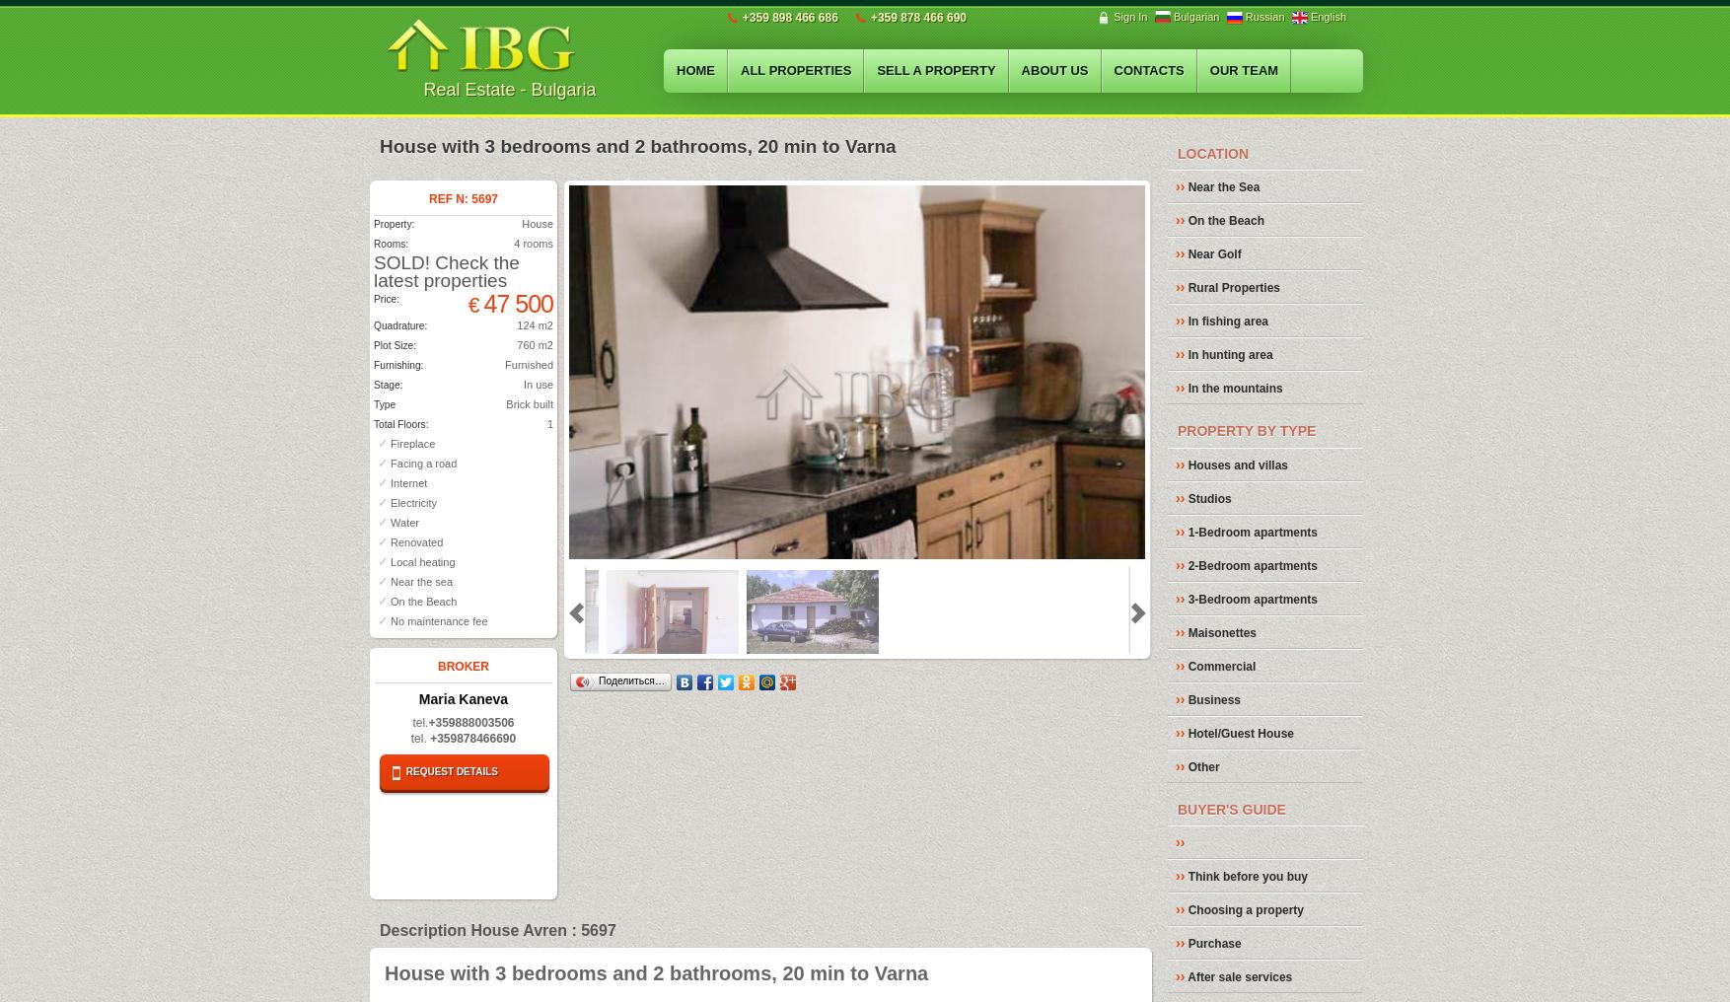  Describe the element at coordinates (445, 269) in the screenshot. I see `'SOLD! Check the latest properties'` at that location.